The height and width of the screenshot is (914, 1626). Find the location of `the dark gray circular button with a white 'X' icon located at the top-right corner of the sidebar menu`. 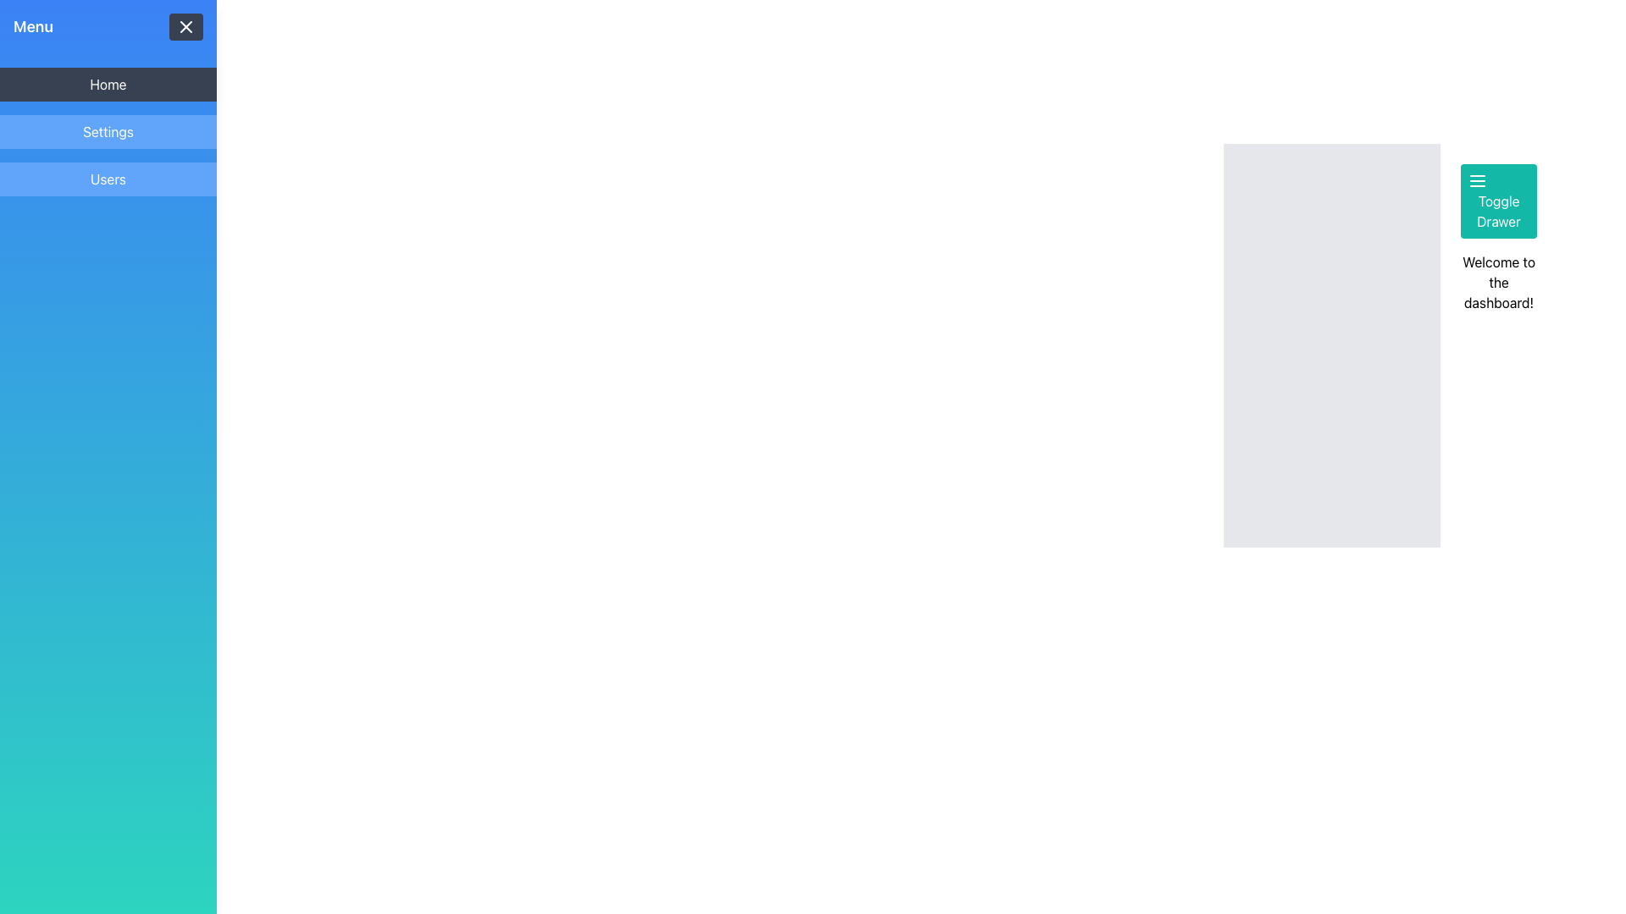

the dark gray circular button with a white 'X' icon located at the top-right corner of the sidebar menu is located at coordinates (186, 26).